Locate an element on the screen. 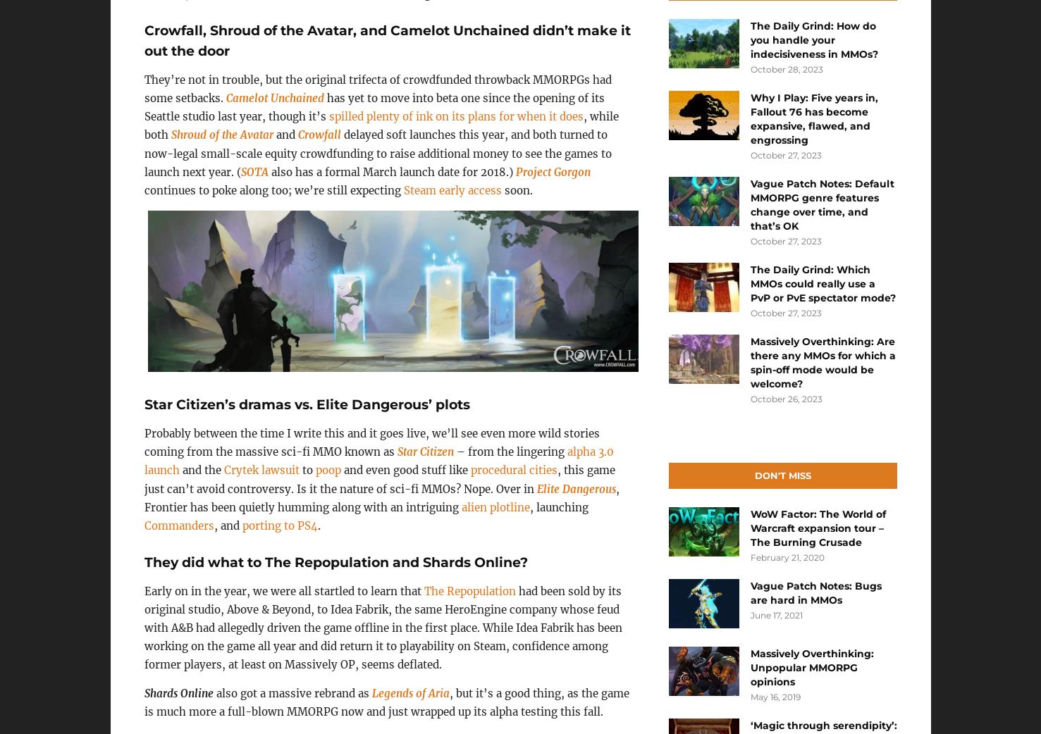 The image size is (1041, 734). 'Star Citizen' is located at coordinates (424, 452).